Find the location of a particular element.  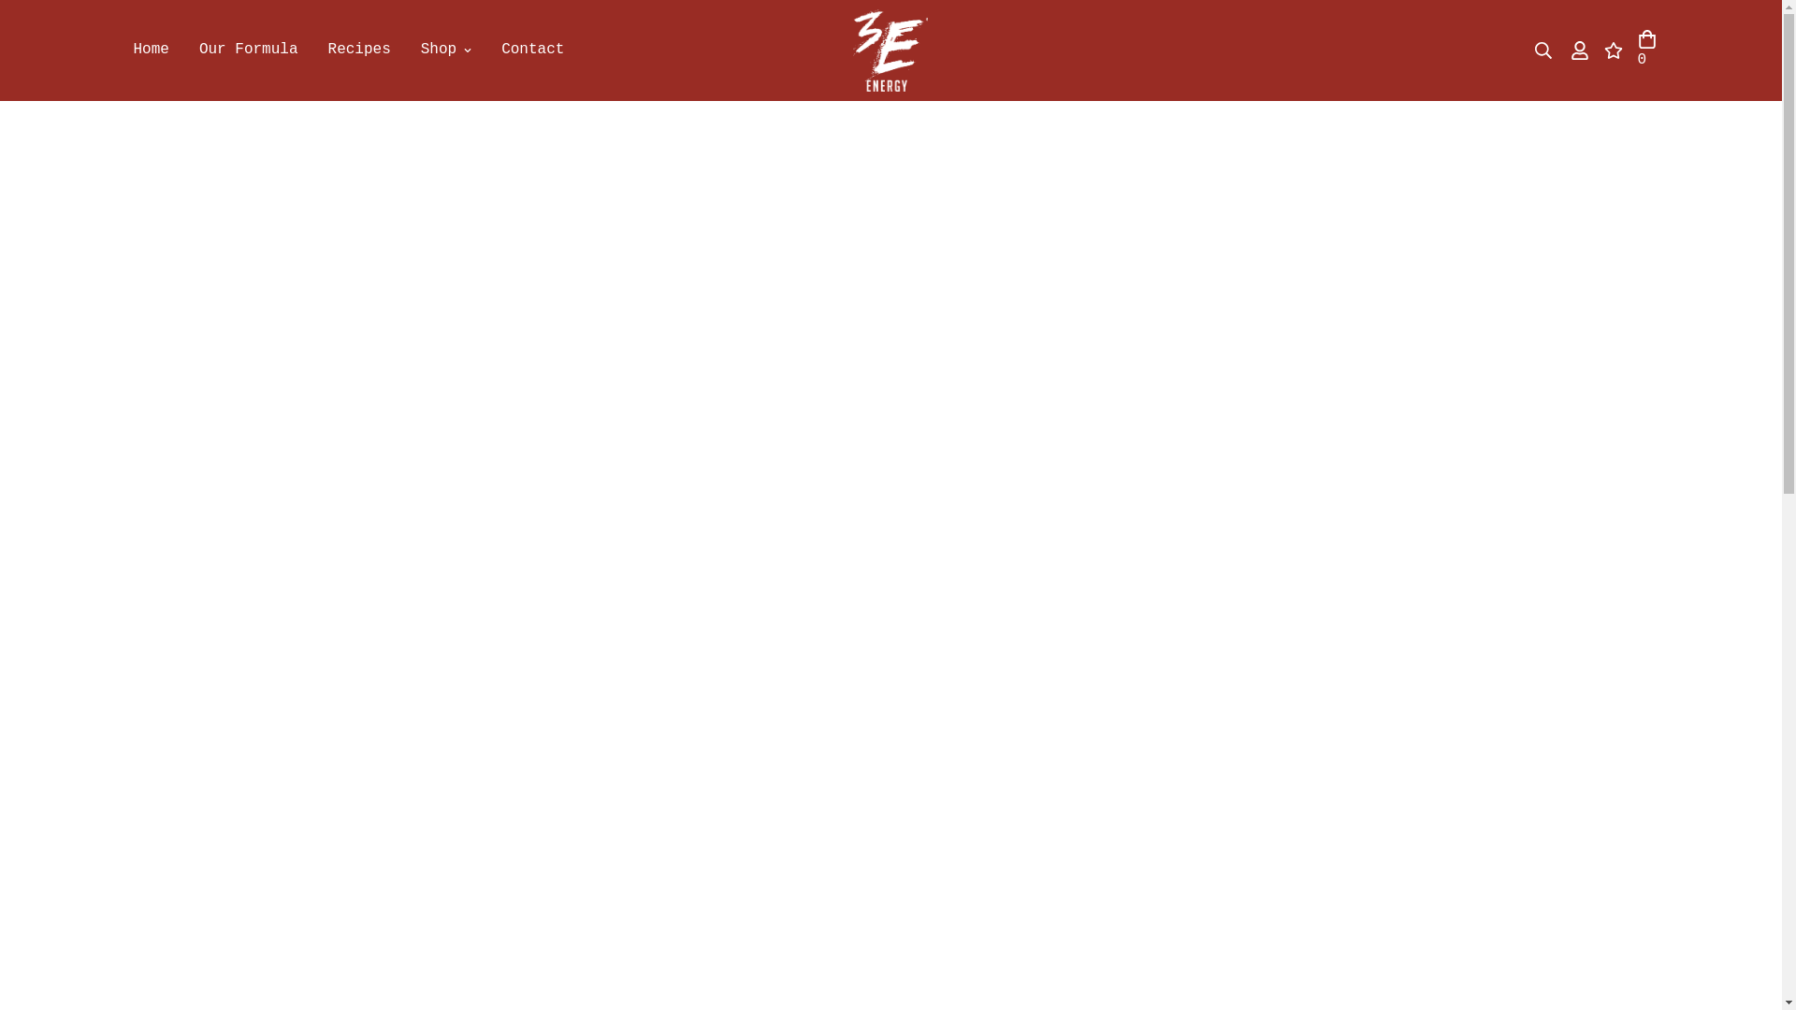

'Shop' is located at coordinates (444, 49).